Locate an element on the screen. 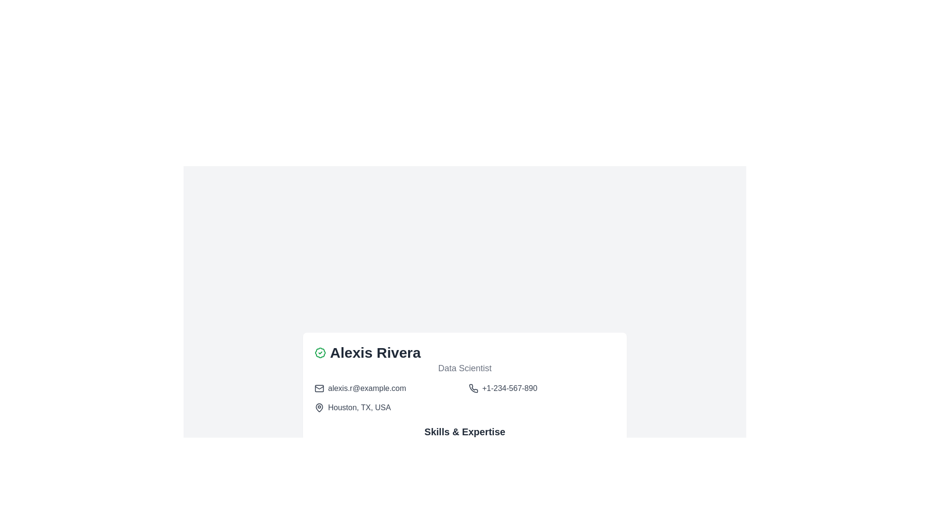 The image size is (925, 520). the email icon that visually indicates 'alexis.r@example.com', positioned to the left of the email text and aligned vertically with it, located below 'Alexis Rivera' is located at coordinates (319, 388).